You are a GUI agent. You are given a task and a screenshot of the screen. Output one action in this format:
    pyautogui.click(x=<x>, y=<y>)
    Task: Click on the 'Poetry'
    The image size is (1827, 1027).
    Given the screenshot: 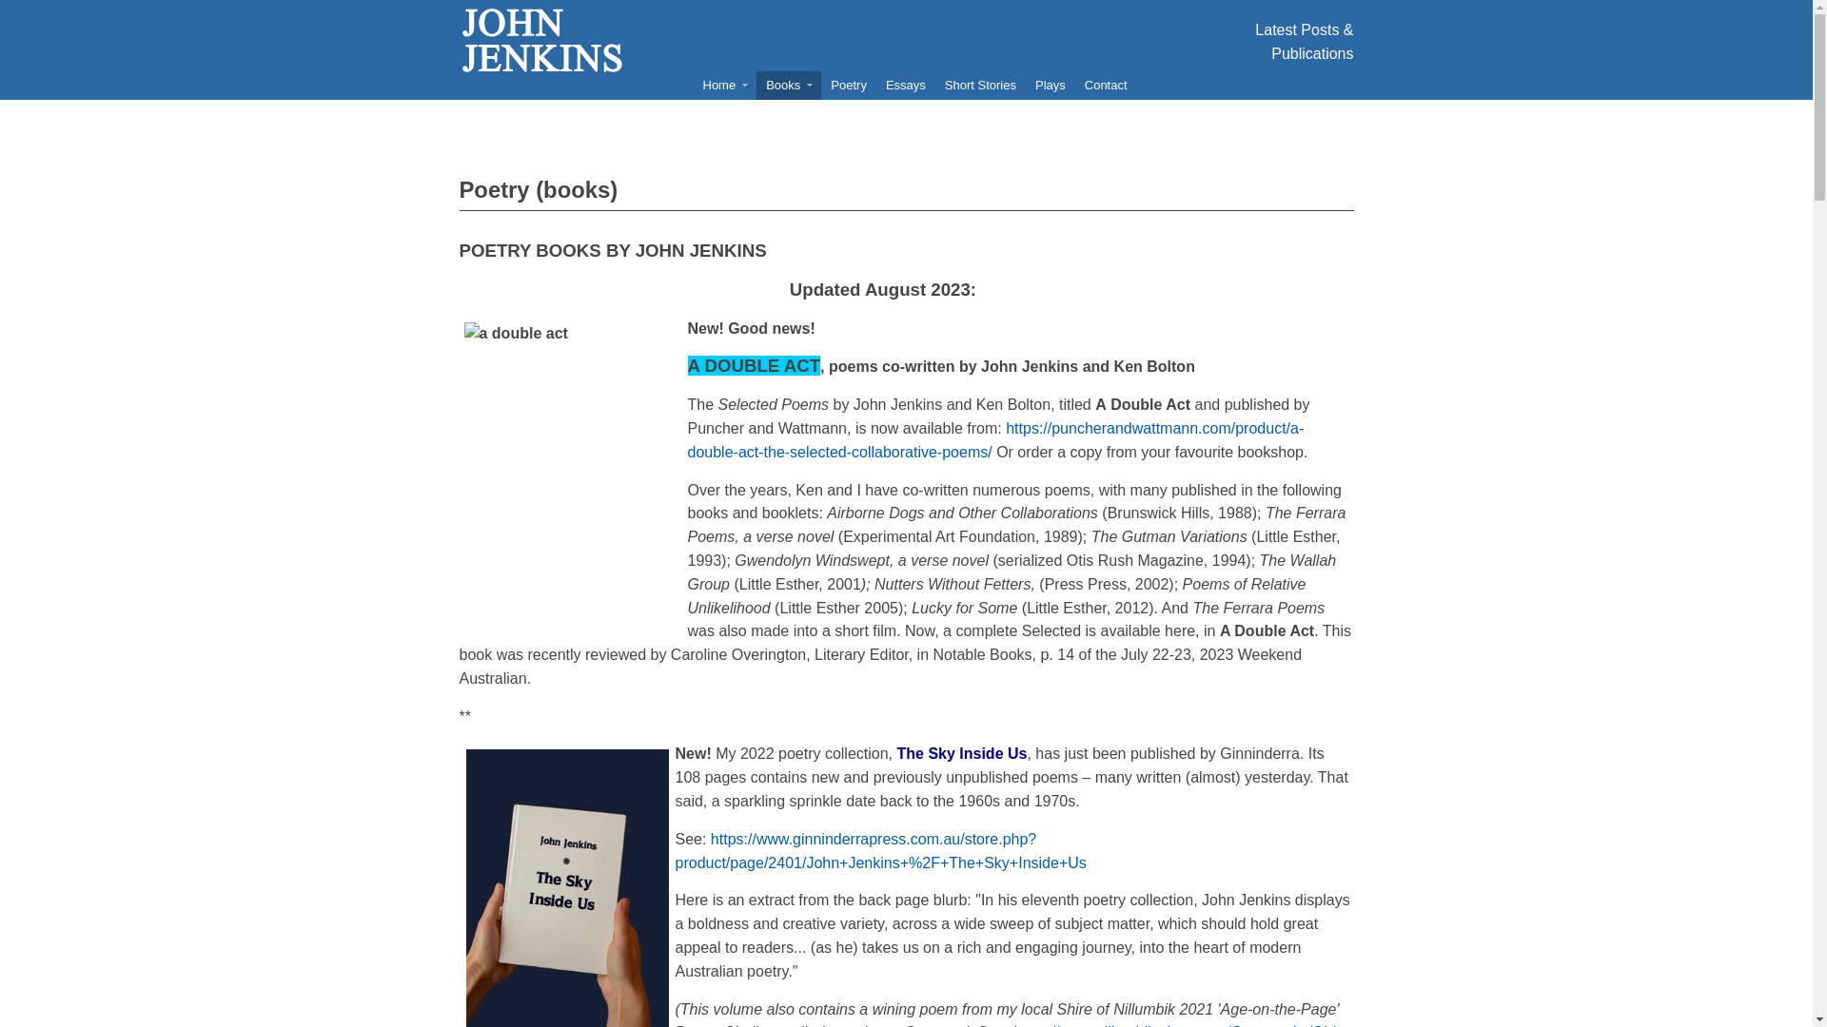 What is the action you would take?
    pyautogui.click(x=848, y=84)
    